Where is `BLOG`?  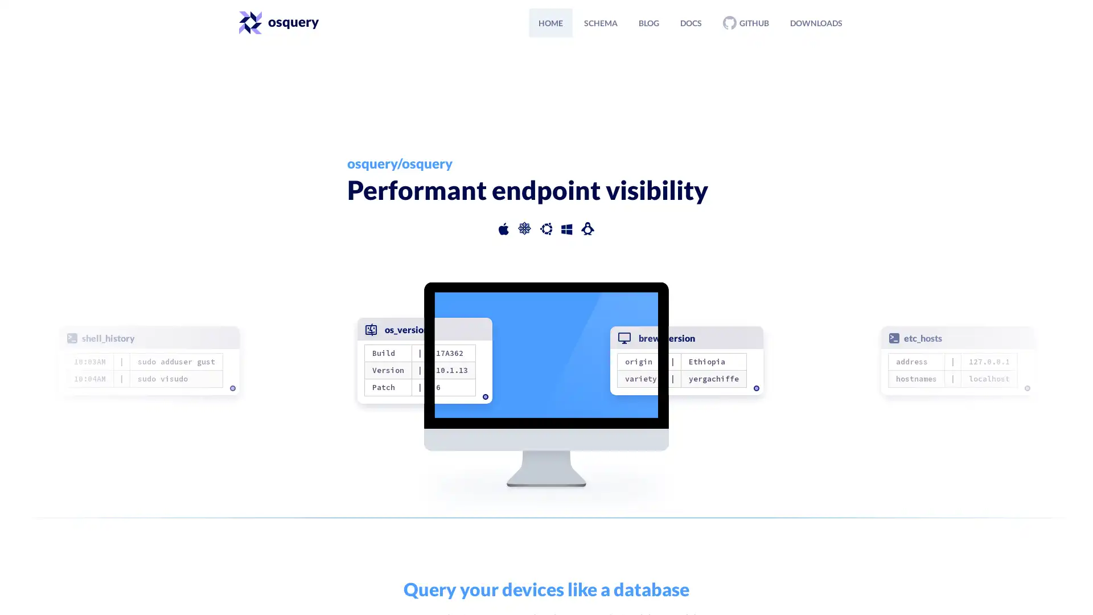 BLOG is located at coordinates (649, 22).